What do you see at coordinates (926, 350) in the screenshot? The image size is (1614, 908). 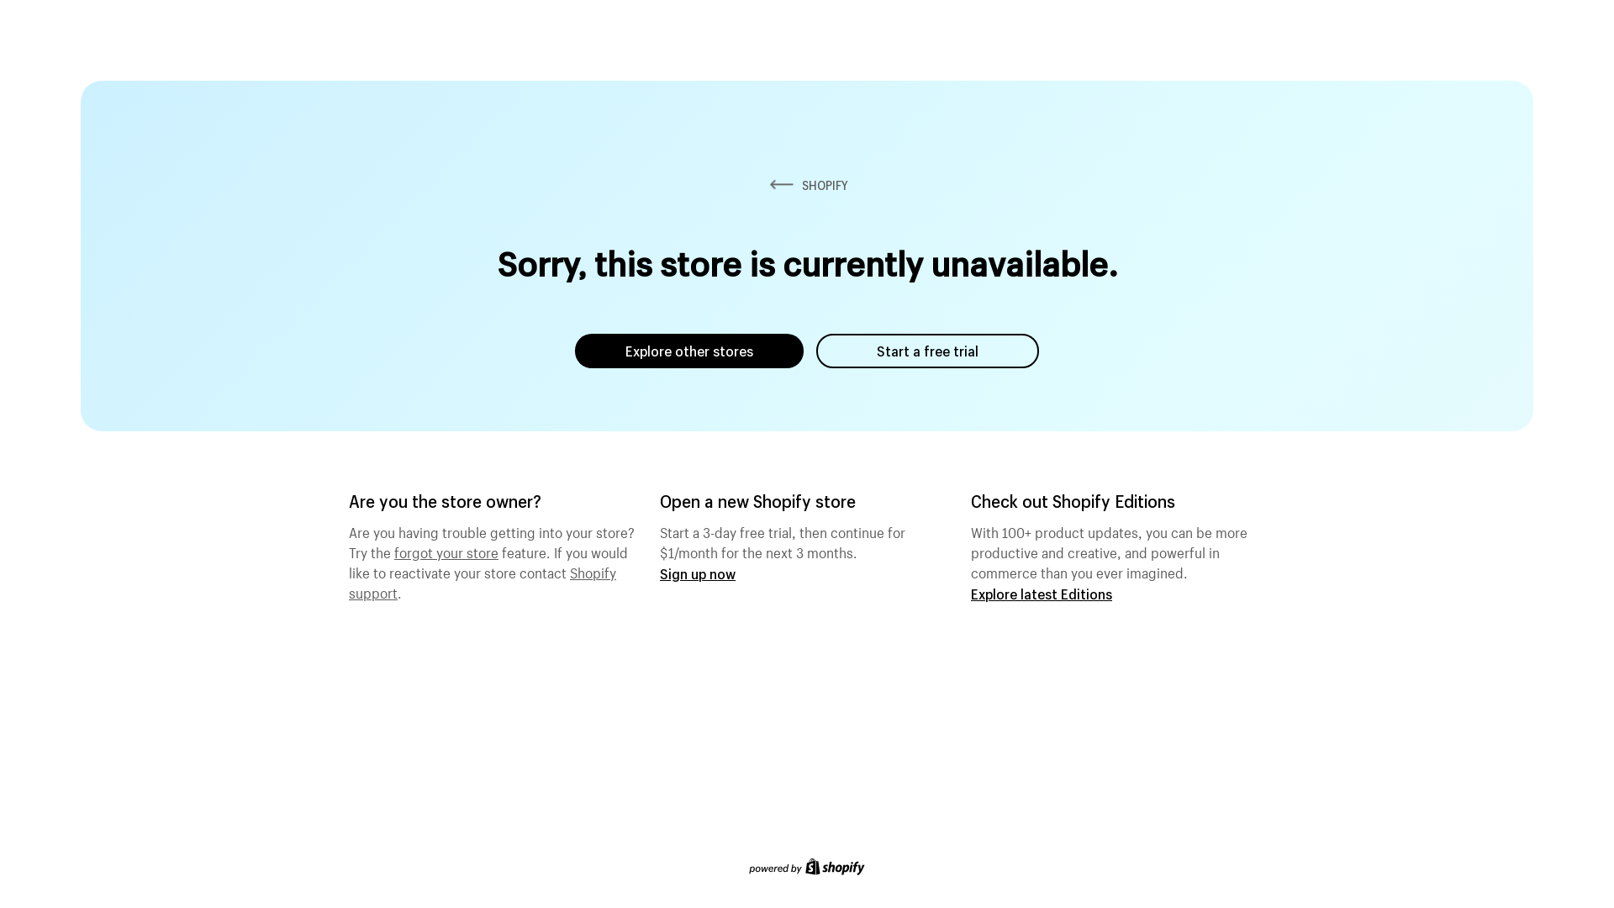 I see `'Start a free trial'` at bounding box center [926, 350].